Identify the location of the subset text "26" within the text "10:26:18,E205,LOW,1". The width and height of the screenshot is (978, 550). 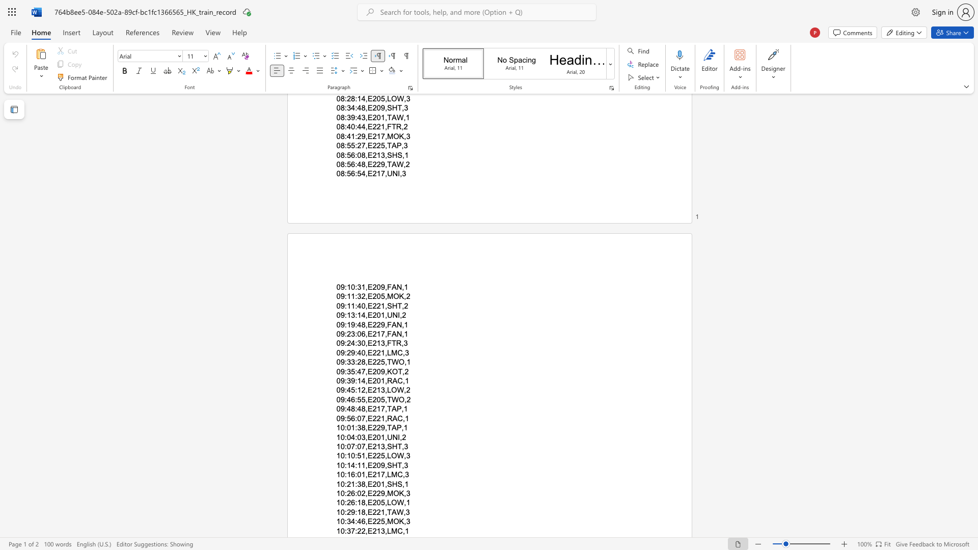
(346, 502).